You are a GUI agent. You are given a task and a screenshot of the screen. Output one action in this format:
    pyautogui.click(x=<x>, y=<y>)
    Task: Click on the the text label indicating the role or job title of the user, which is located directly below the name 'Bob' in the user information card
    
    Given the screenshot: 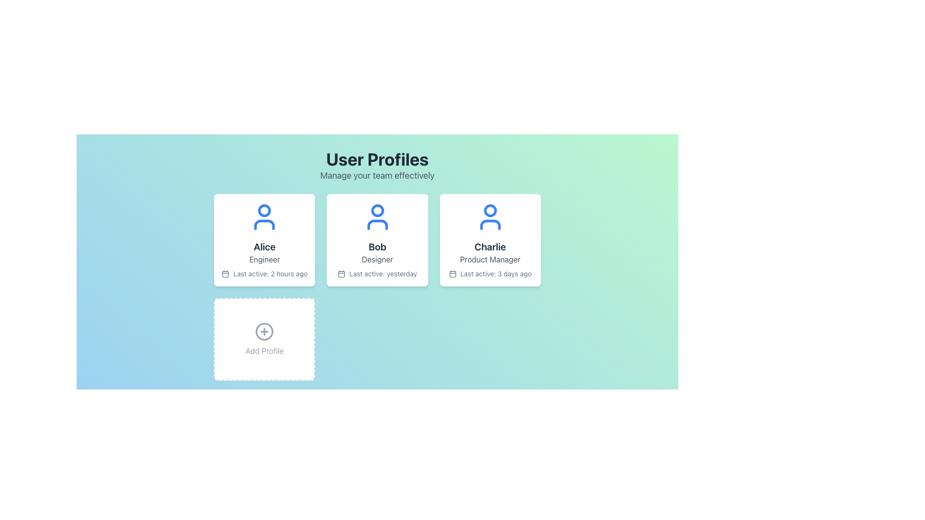 What is the action you would take?
    pyautogui.click(x=377, y=259)
    